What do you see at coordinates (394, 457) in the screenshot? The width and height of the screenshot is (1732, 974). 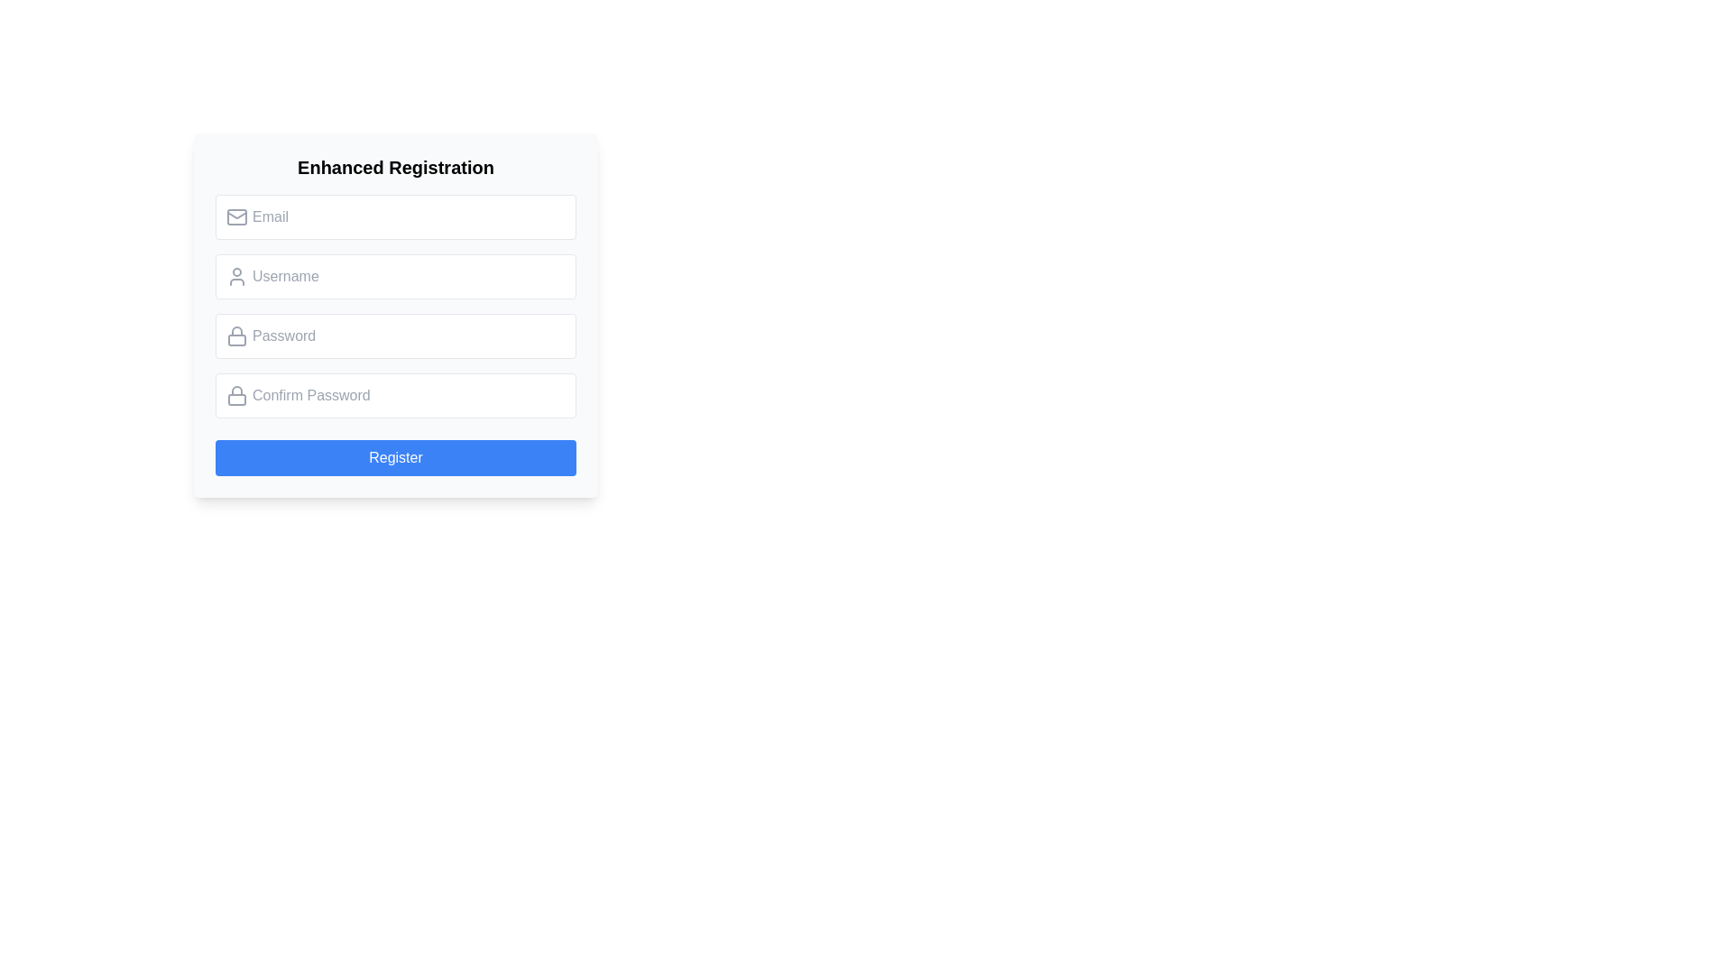 I see `the vibrant blue 'Register' button with rounded corners located at the bottom of the 'Enhanced Registration' card` at bounding box center [394, 457].